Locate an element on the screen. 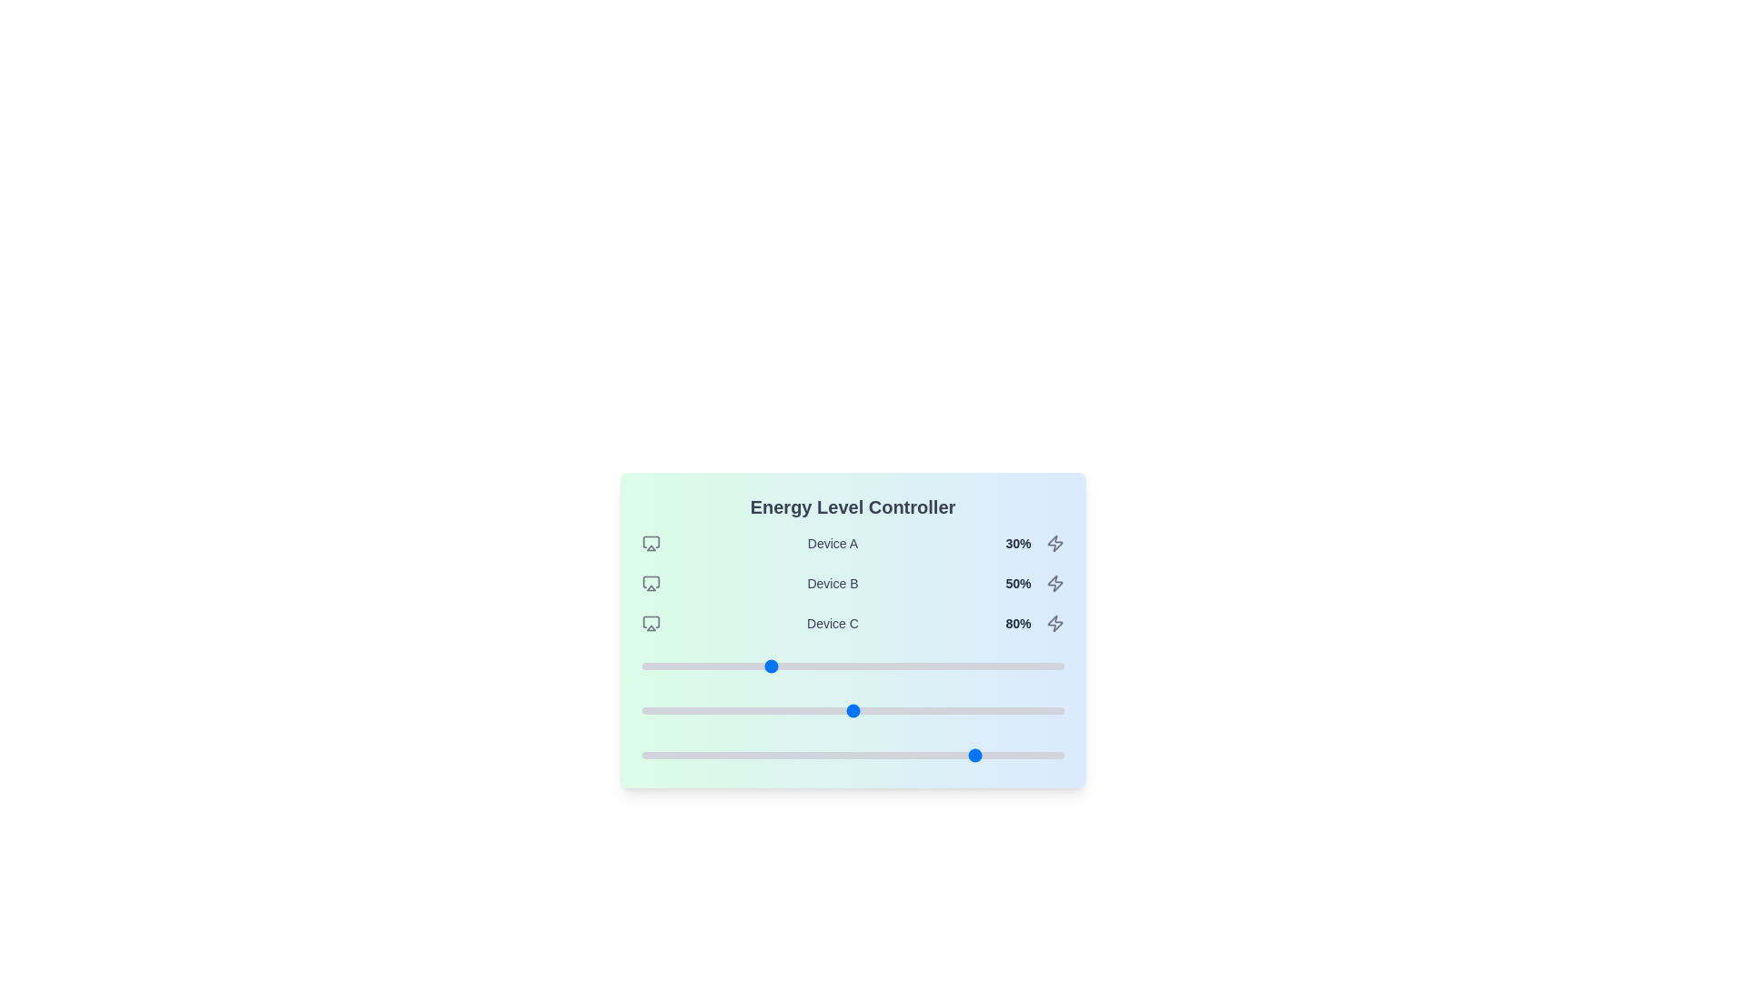 This screenshot has height=982, width=1747. the slider for Device C to set the energy level to 52% is located at coordinates (860, 755).